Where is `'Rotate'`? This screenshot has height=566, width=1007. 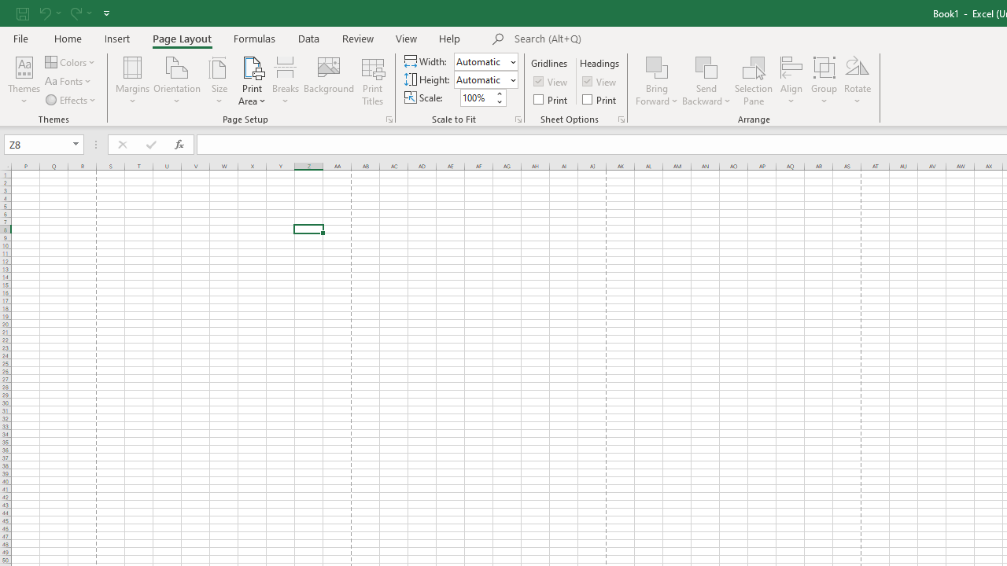 'Rotate' is located at coordinates (856, 81).